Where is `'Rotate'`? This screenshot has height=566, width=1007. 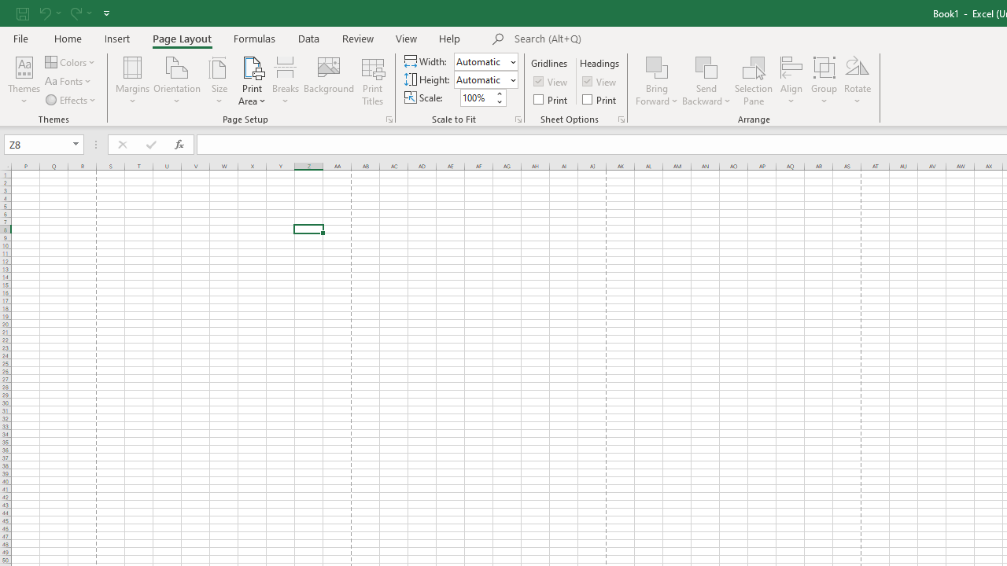 'Rotate' is located at coordinates (856, 81).